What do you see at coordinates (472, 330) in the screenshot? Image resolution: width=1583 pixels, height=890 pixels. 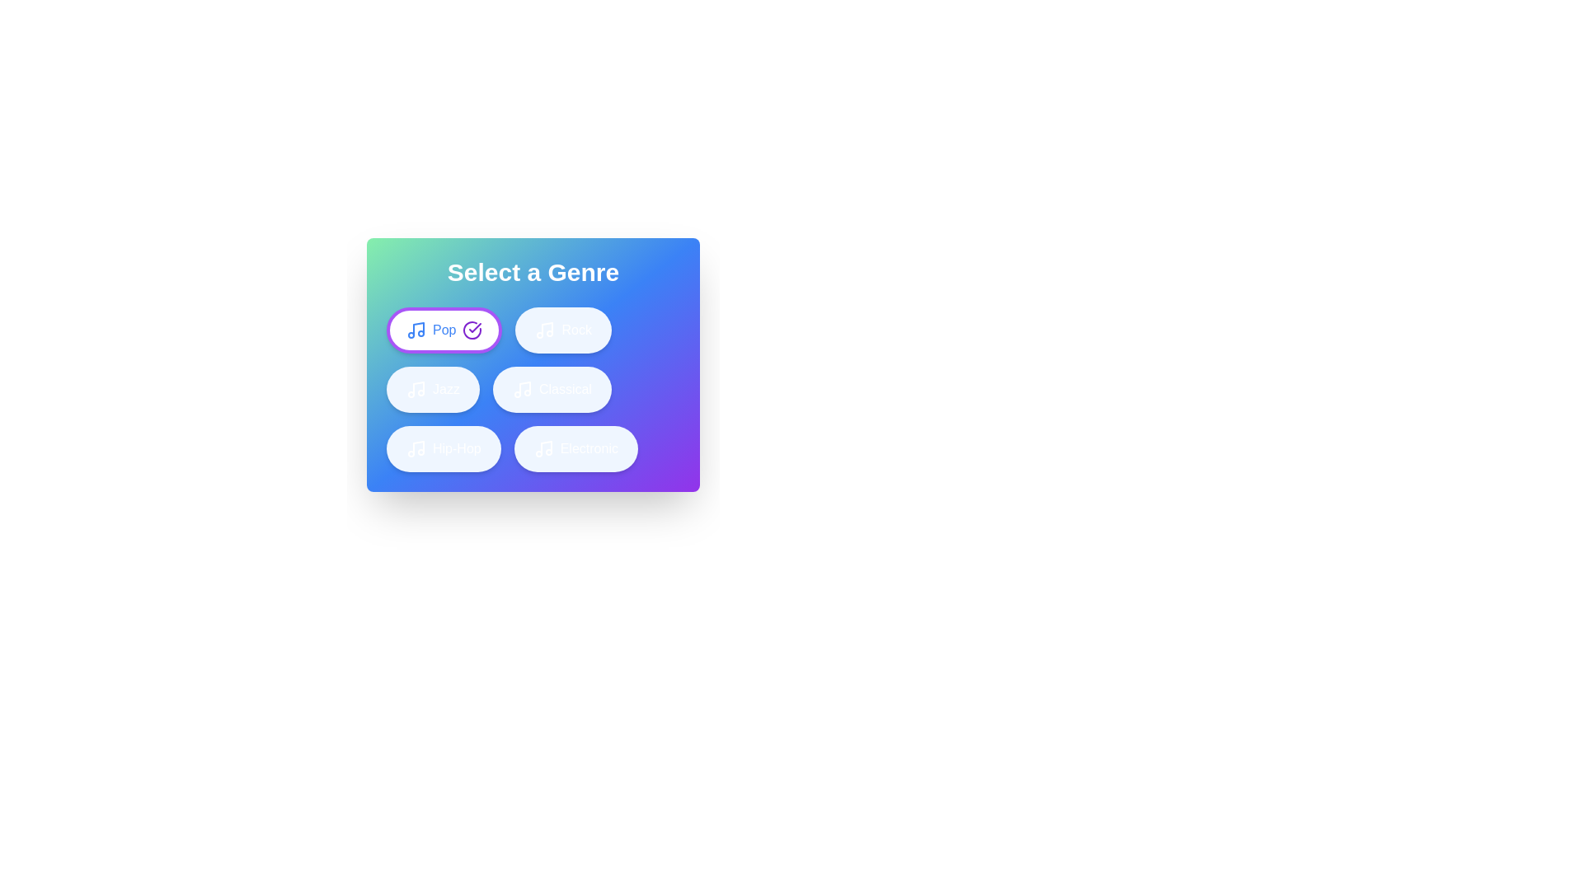 I see `the purple circular icon with a checkmark located to the right of the 'Pop' text in the genre selection interface` at bounding box center [472, 330].